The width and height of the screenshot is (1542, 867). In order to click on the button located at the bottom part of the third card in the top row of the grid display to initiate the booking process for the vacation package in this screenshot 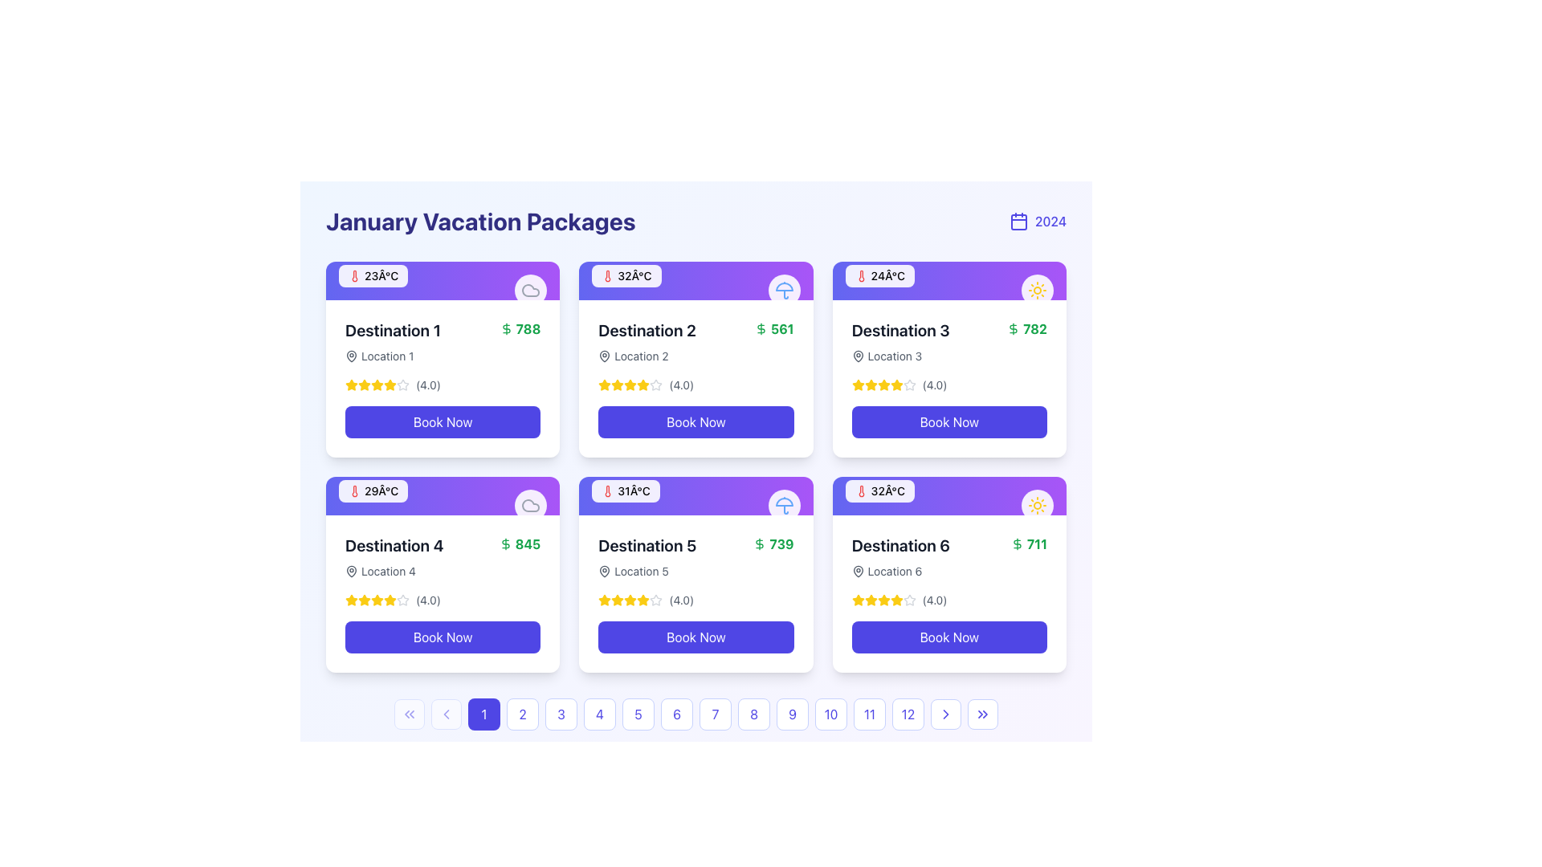, I will do `click(949, 421)`.